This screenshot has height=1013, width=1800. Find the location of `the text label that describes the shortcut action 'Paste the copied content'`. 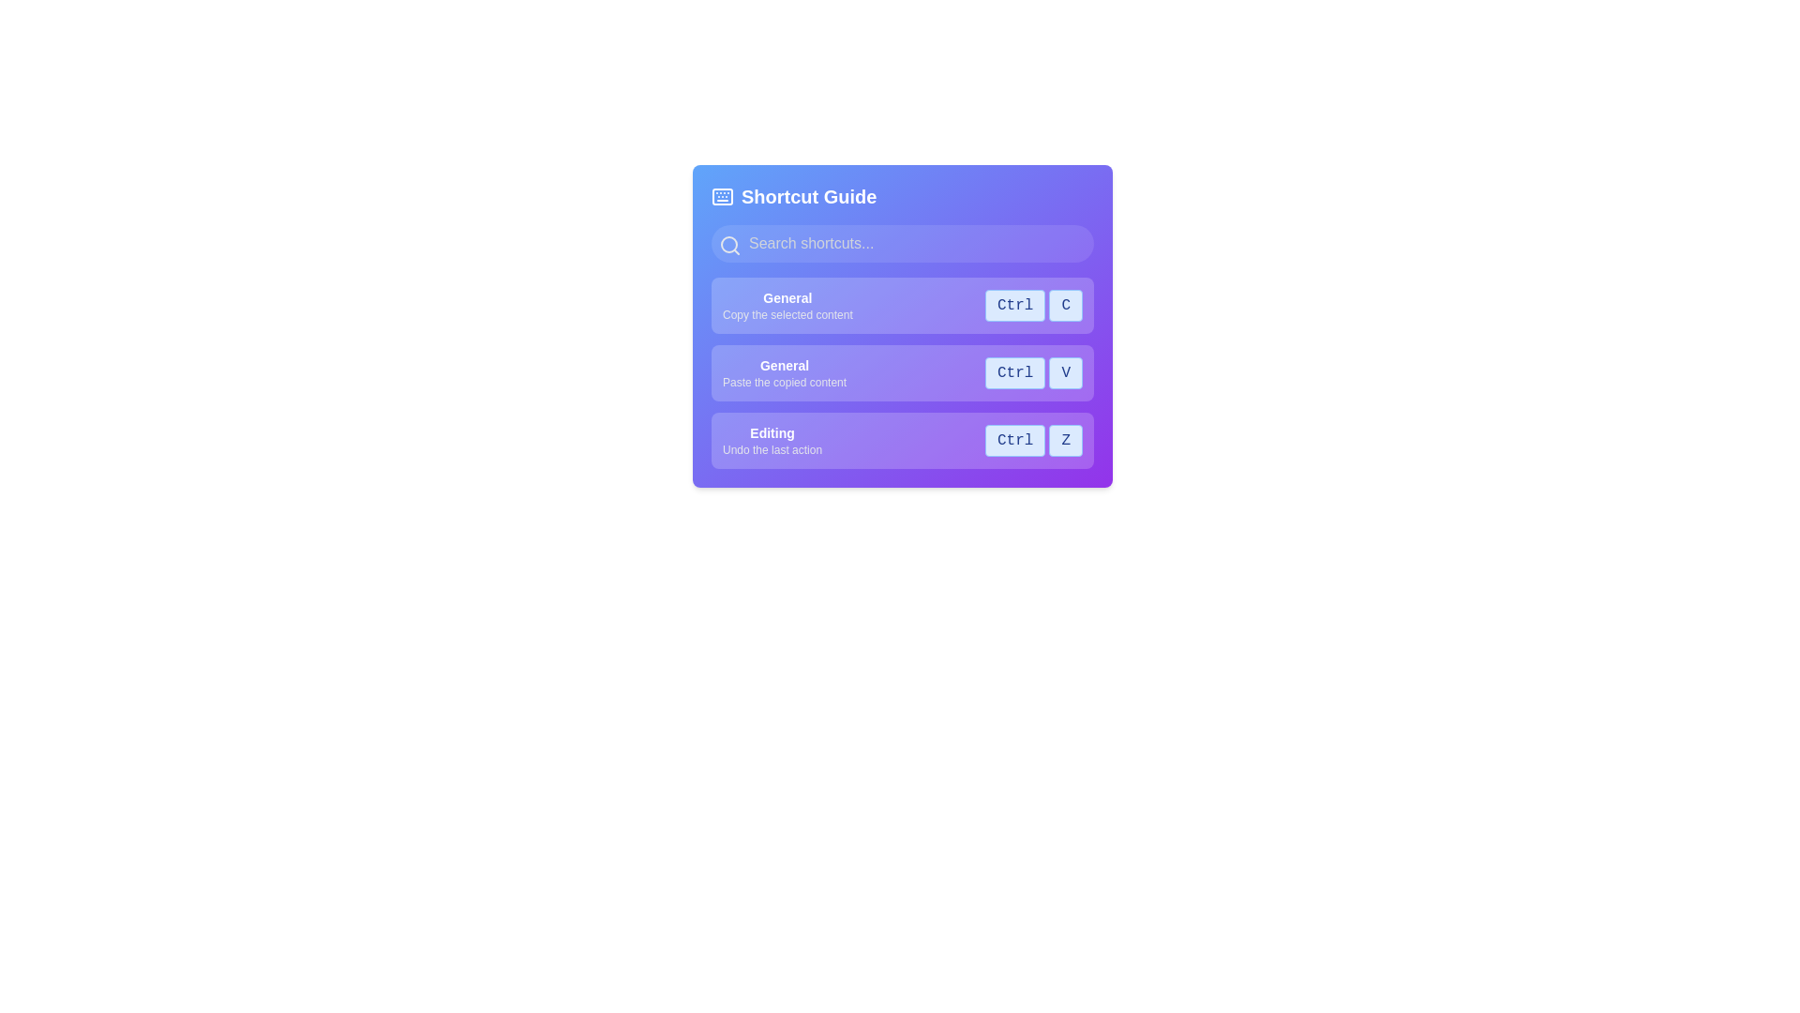

the text label that describes the shortcut action 'Paste the copied content' is located at coordinates (785, 372).